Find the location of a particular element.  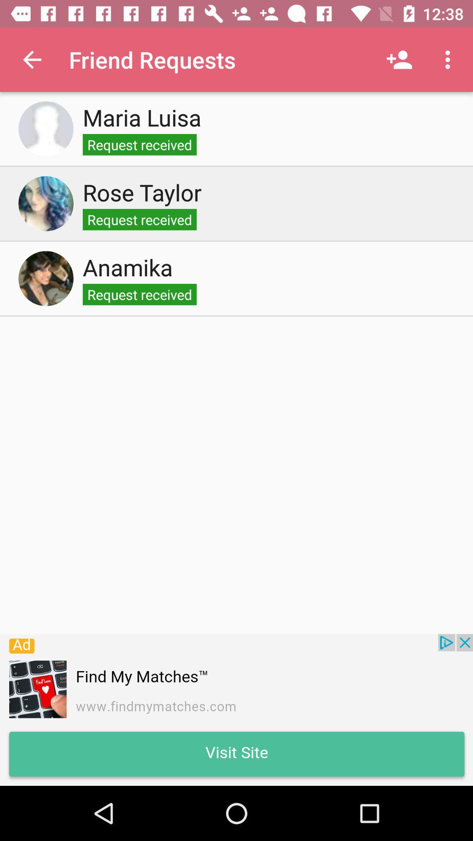

show profile information is located at coordinates (46, 128).